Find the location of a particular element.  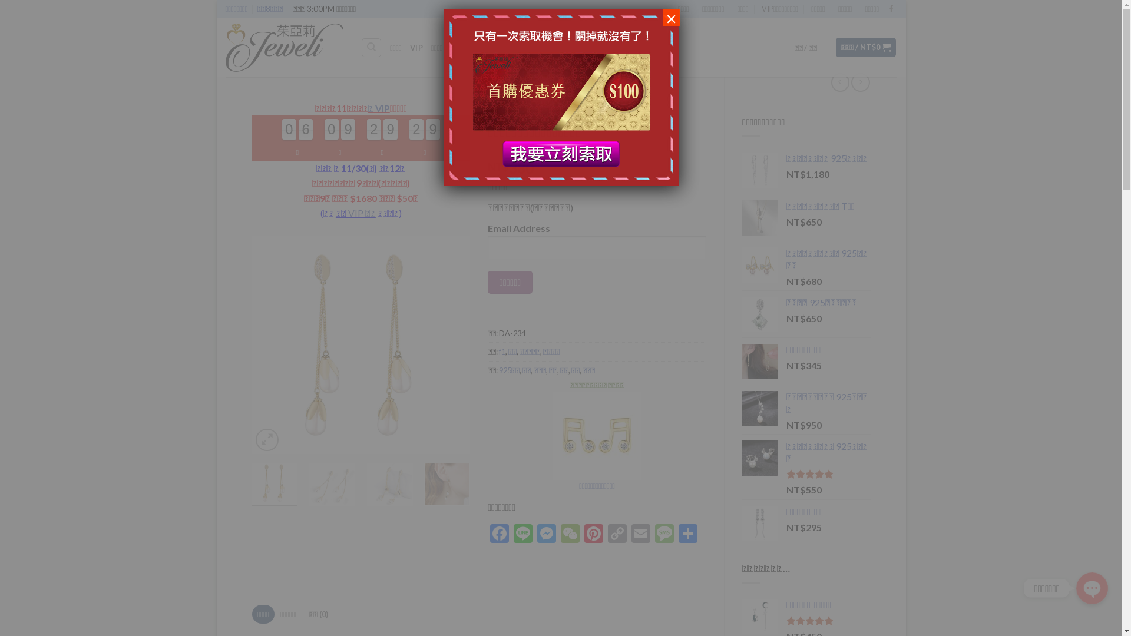

'Pinterest' is located at coordinates (594, 534).